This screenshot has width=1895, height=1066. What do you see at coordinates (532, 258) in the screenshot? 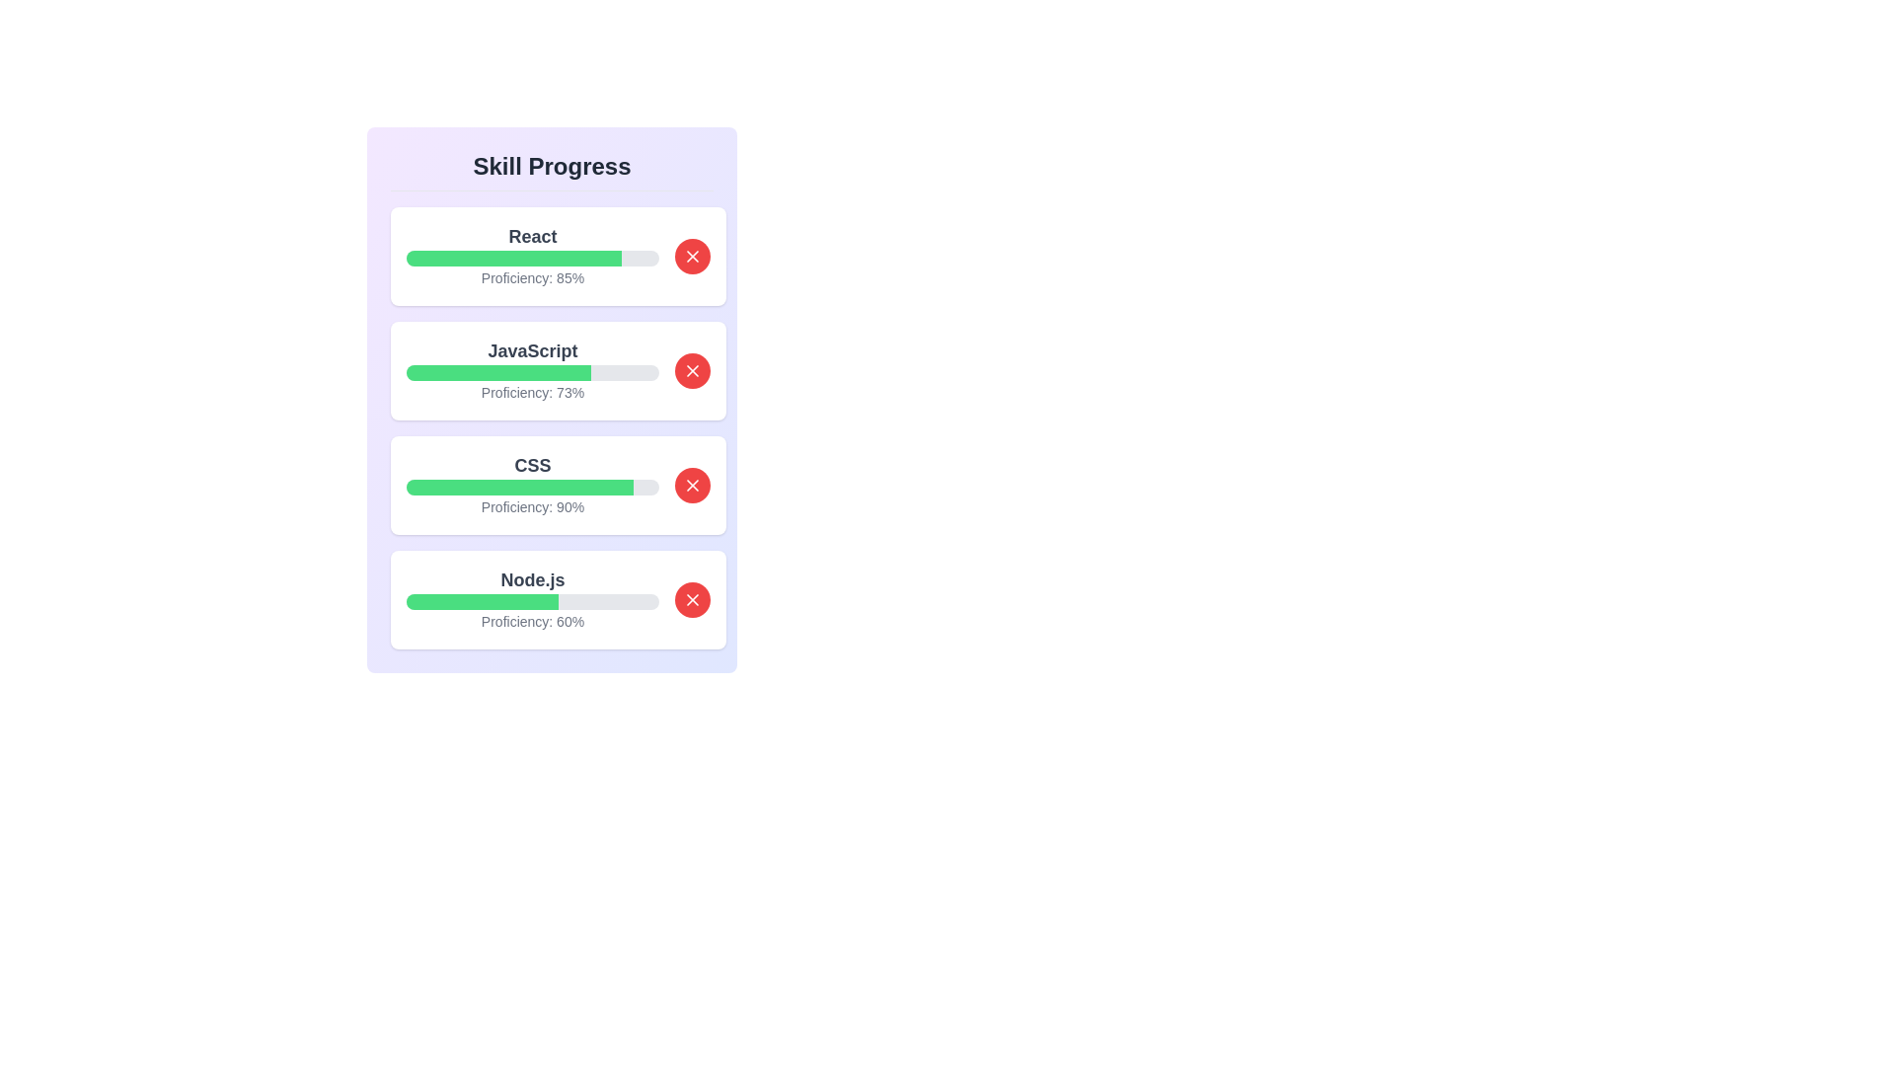
I see `the progress bar for the skill 'React'` at bounding box center [532, 258].